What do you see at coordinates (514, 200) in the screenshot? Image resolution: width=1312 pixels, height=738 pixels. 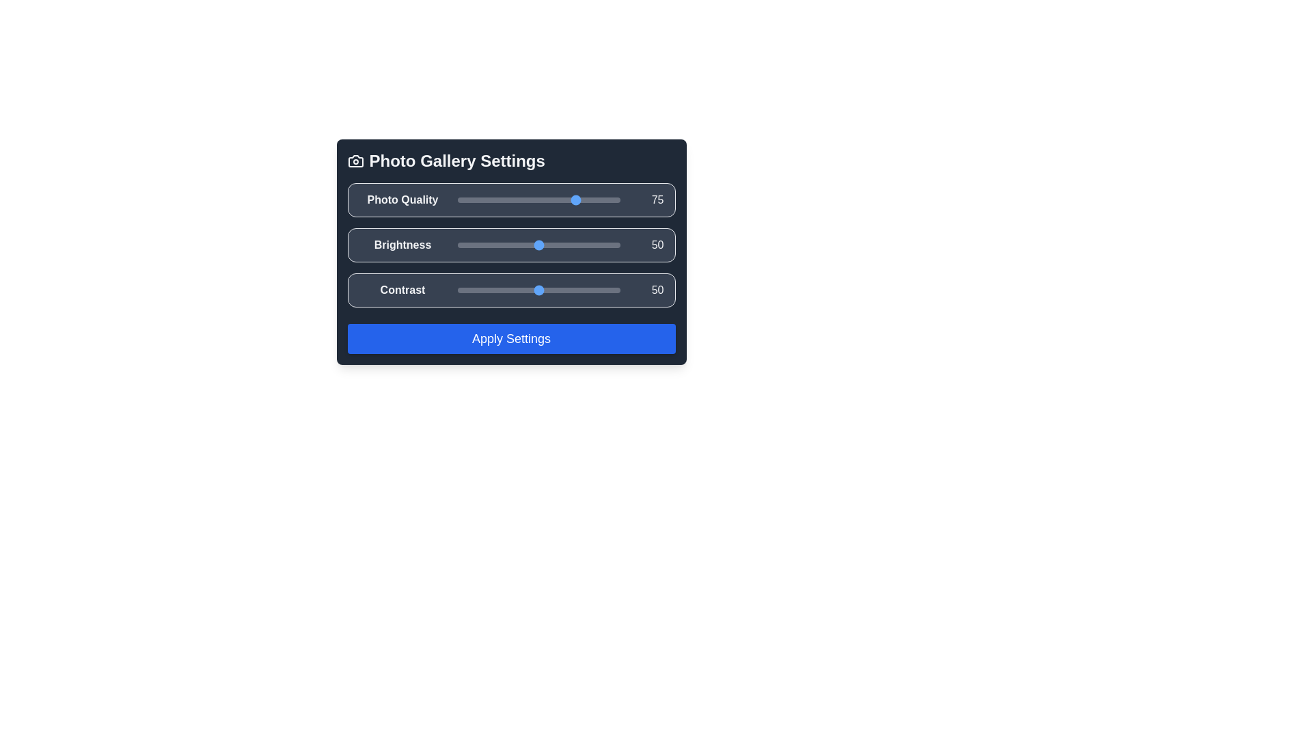 I see `the photo quality` at bounding box center [514, 200].